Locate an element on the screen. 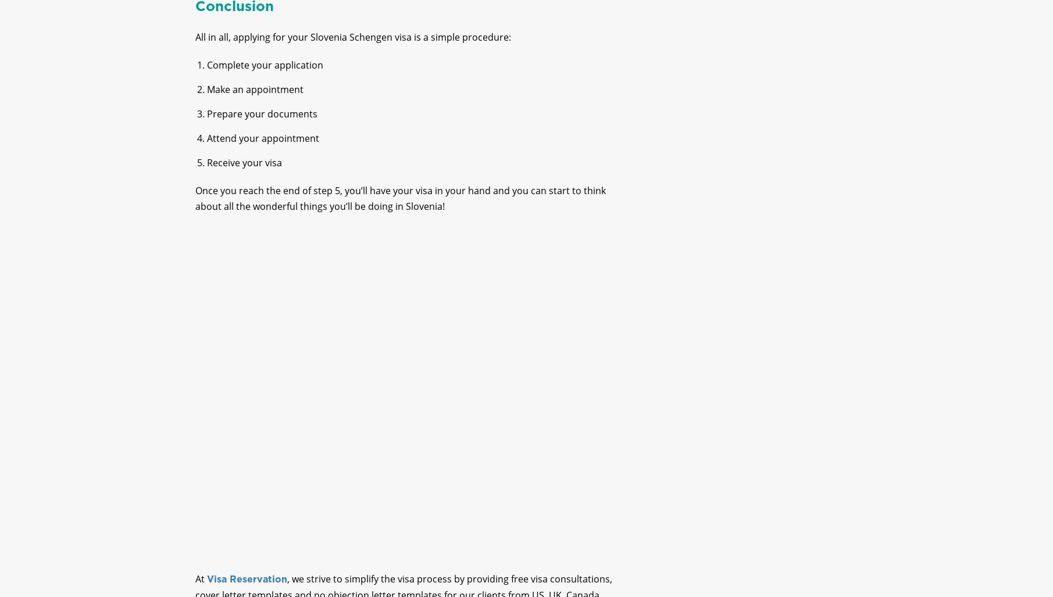 This screenshot has height=597, width=1053. 'Complete your application' is located at coordinates (264, 74).